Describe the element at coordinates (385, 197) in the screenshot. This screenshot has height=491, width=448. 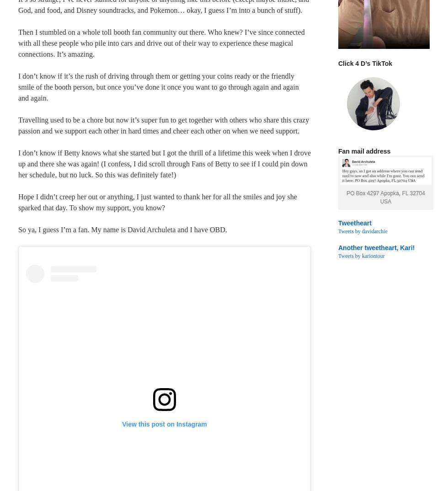
I see `'PO Box 4297 Apopka, FL 32704 USA'` at that location.